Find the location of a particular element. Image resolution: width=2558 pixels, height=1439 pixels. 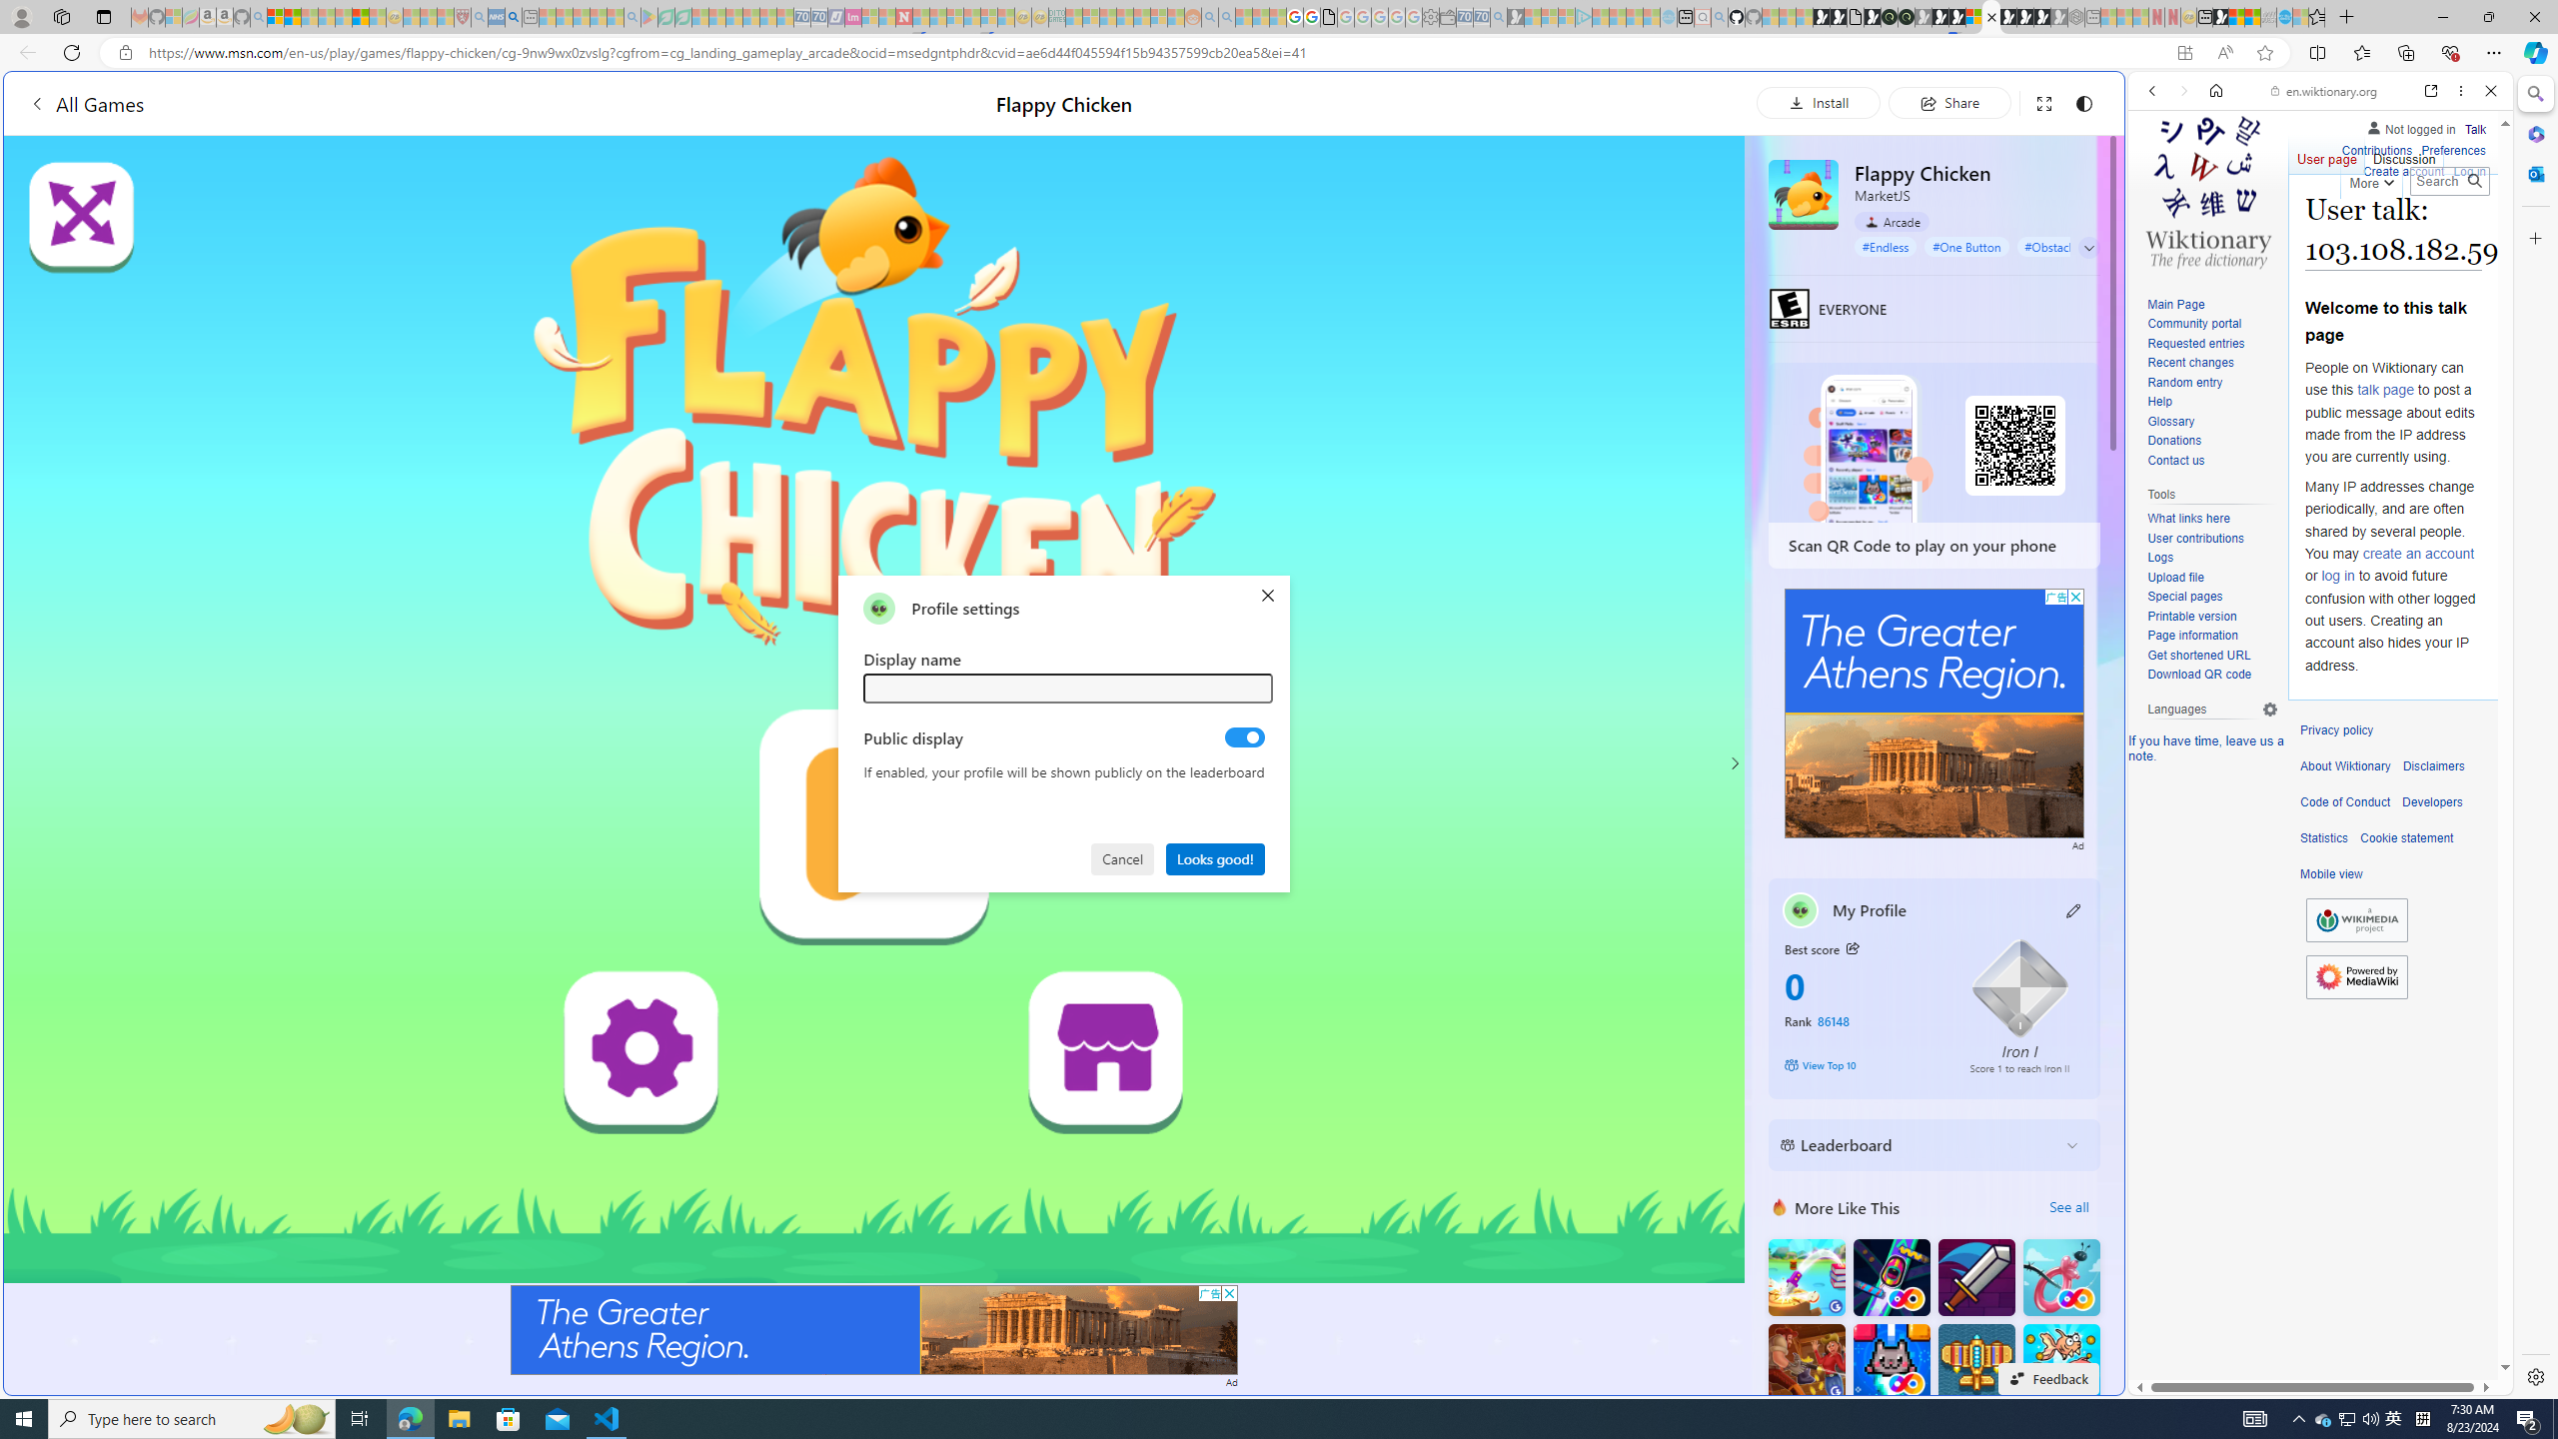

'Cheap Hotels - Save70.com - Sleeping' is located at coordinates (818, 16).